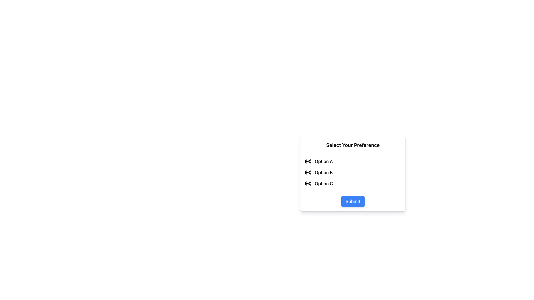  What do you see at coordinates (310, 172) in the screenshot?
I see `the outermost circle of the SVG radio button for 'Option B'` at bounding box center [310, 172].